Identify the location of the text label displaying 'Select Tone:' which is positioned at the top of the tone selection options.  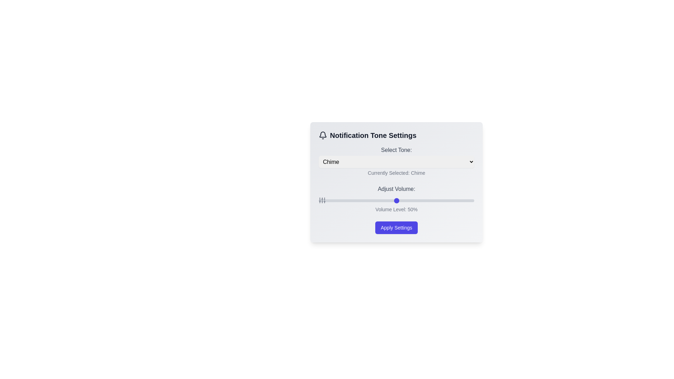
(396, 150).